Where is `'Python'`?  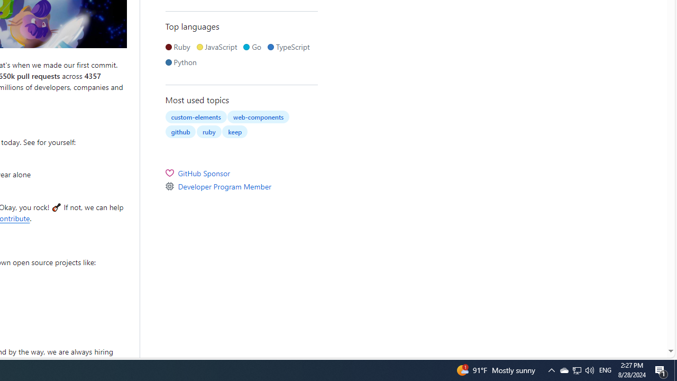 'Python' is located at coordinates (183, 62).